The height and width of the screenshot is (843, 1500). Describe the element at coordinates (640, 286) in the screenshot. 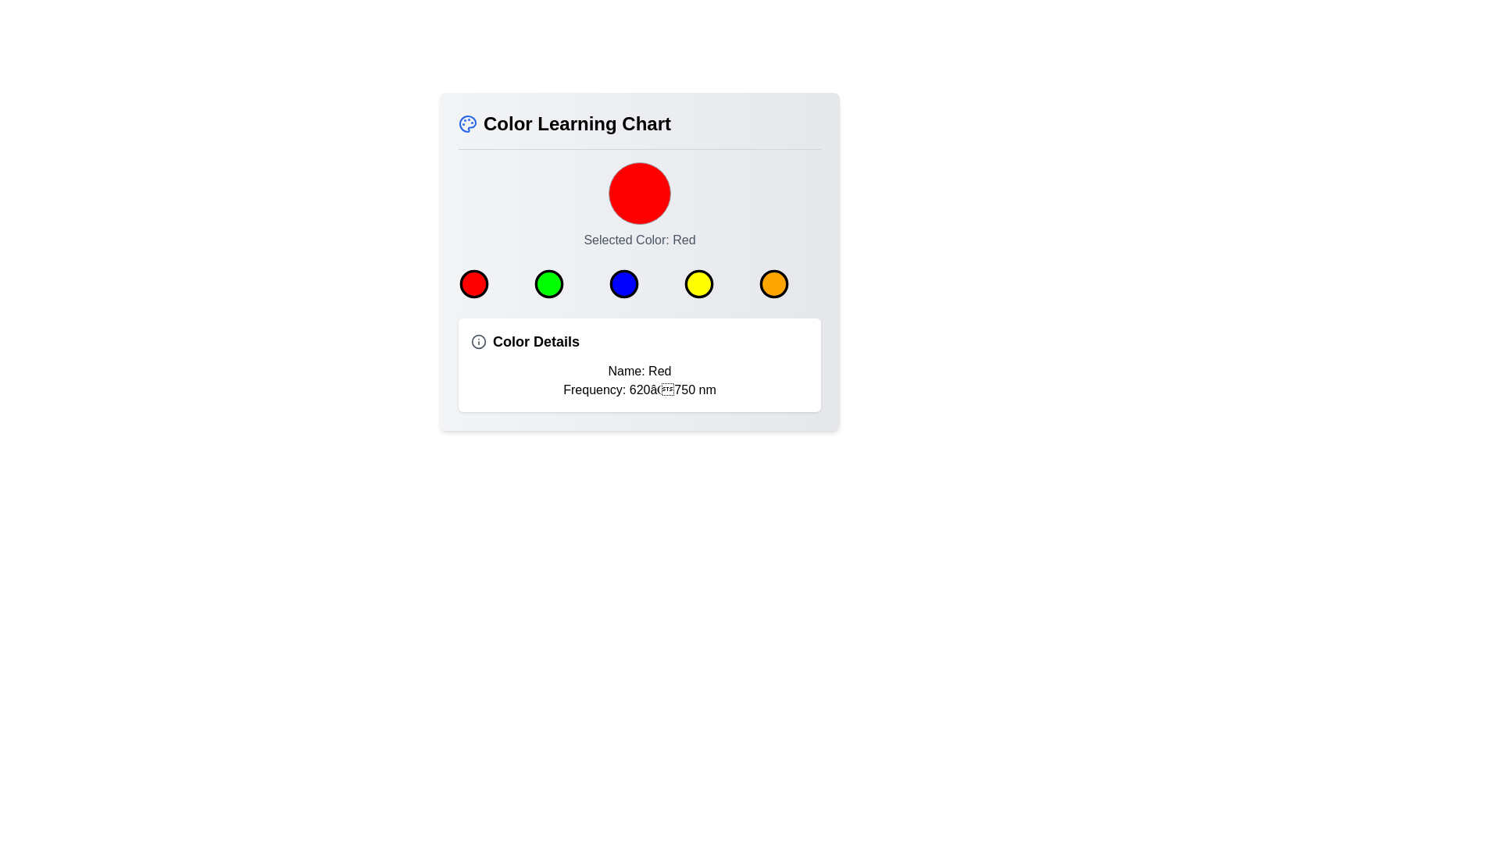

I see `the blue circle button in the color selection interface` at that location.